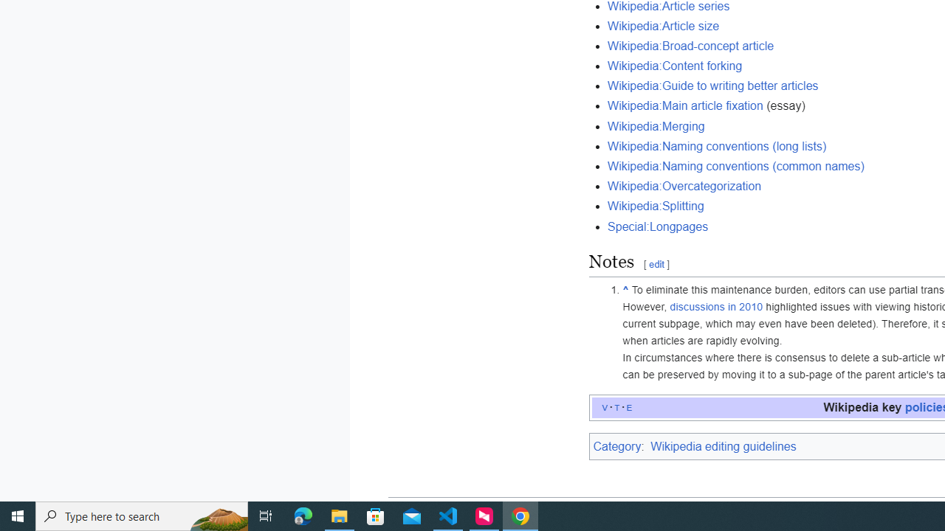  Describe the element at coordinates (663, 25) in the screenshot. I see `'Wikipedia:Article size'` at that location.